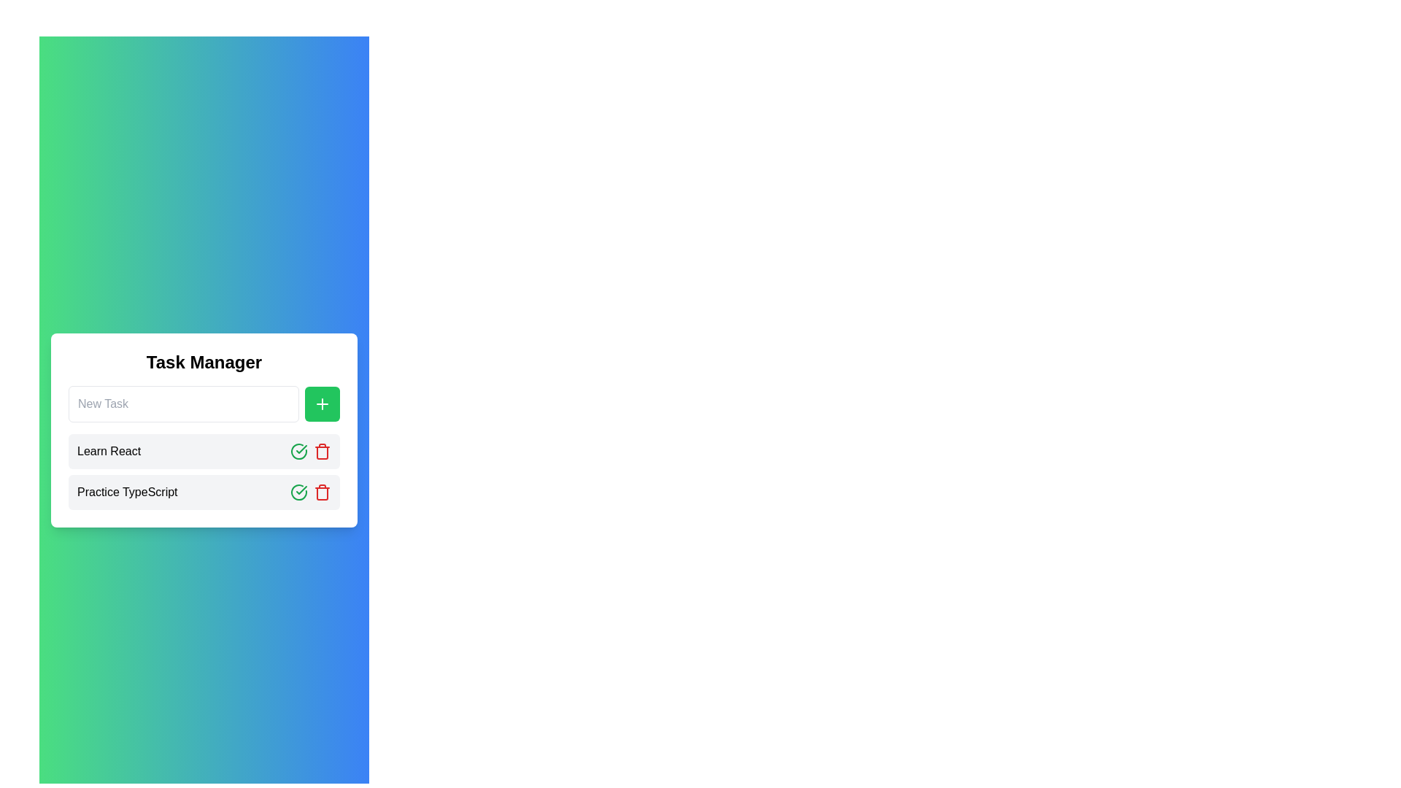 This screenshot has height=788, width=1401. What do you see at coordinates (298, 492) in the screenshot?
I see `the Checkmark icon in the task list for 'Learn React'` at bounding box center [298, 492].